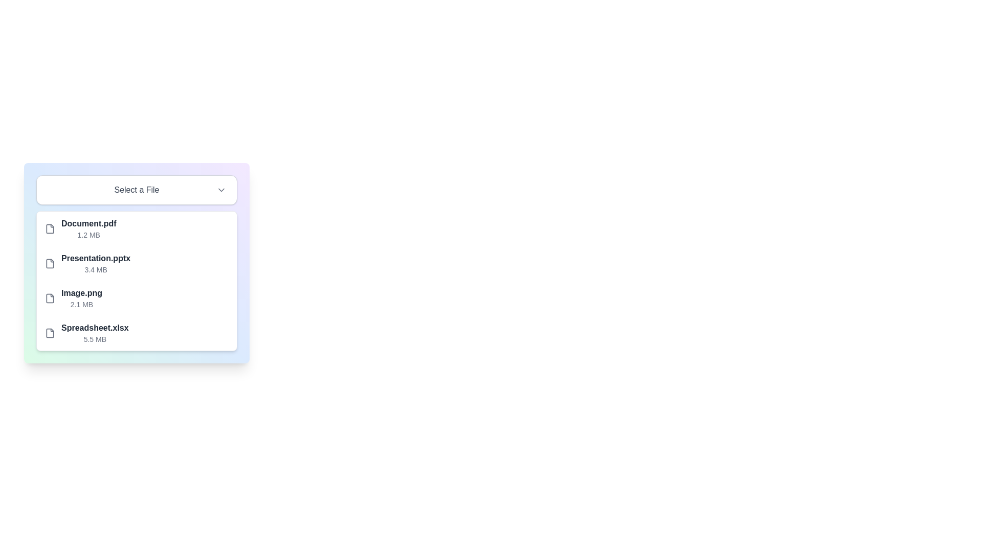 The height and width of the screenshot is (552, 982). Describe the element at coordinates (136, 281) in the screenshot. I see `the third item in the List containing file items` at that location.